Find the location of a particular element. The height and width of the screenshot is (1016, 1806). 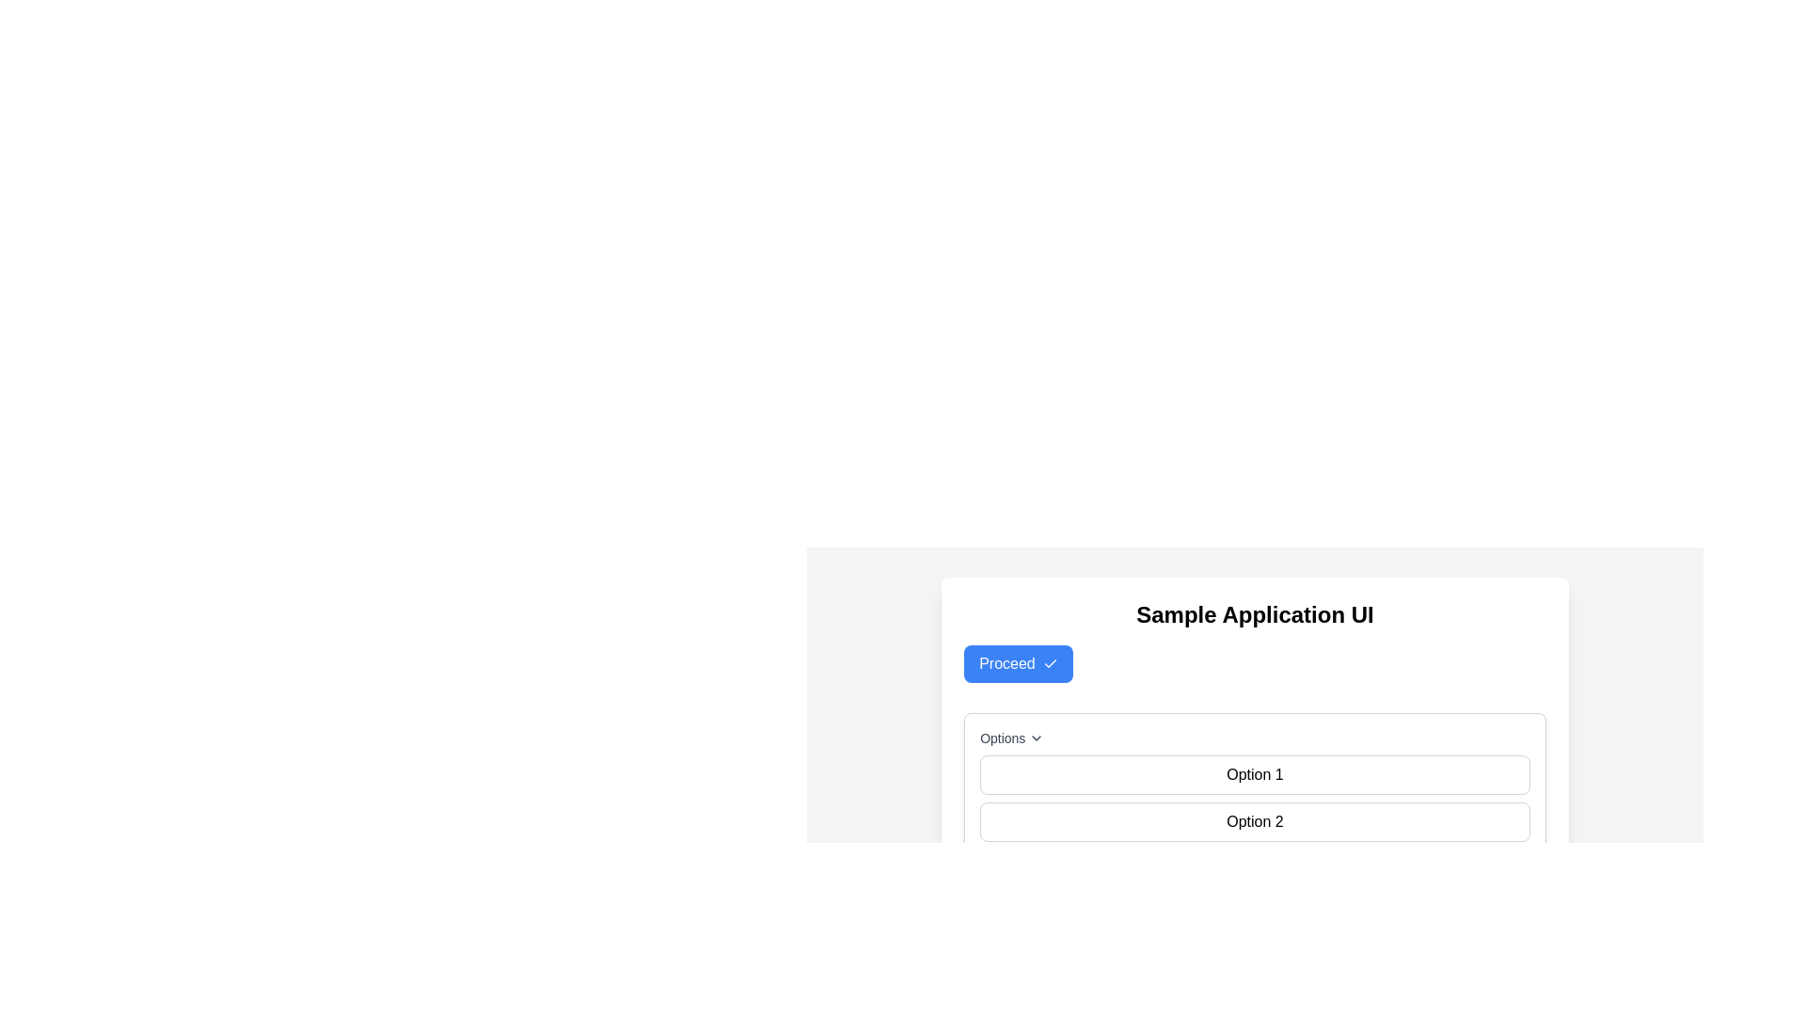

the 'Proceed' button located within the 'Sample Application UI' card is located at coordinates (1017, 662).